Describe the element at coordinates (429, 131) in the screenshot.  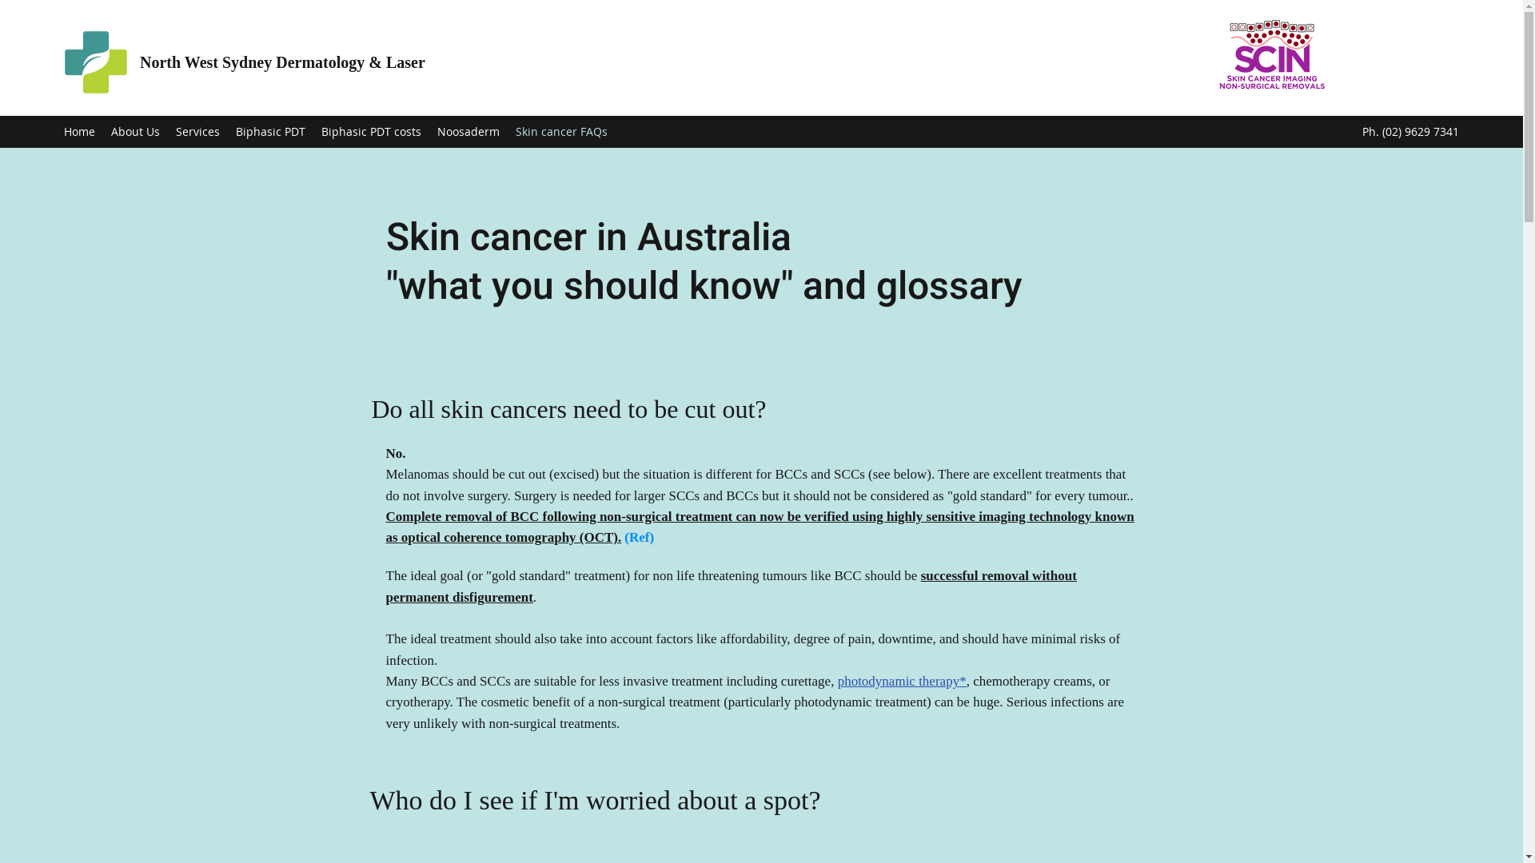
I see `'Noosaderm'` at that location.